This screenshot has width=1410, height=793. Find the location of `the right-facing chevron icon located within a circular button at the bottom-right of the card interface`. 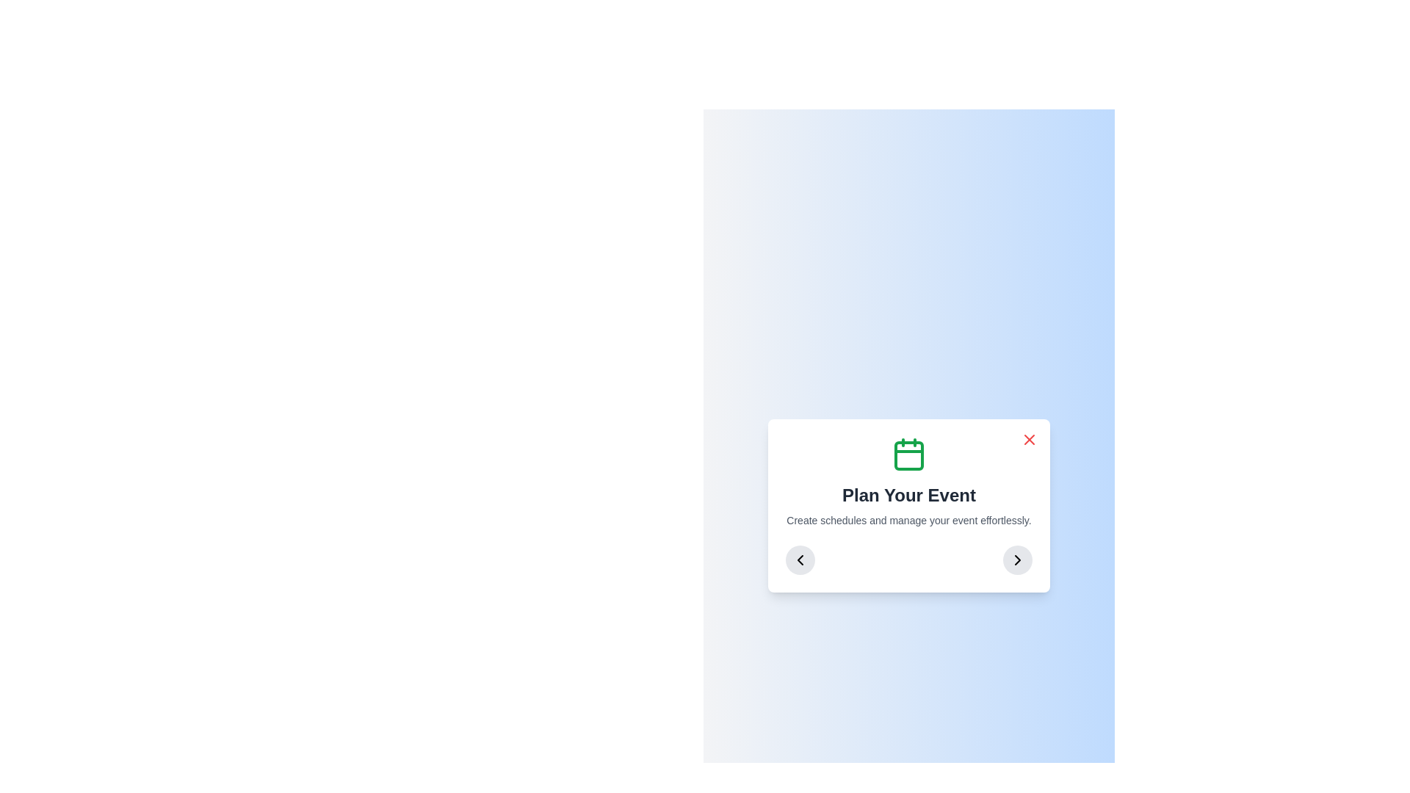

the right-facing chevron icon located within a circular button at the bottom-right of the card interface is located at coordinates (1017, 560).